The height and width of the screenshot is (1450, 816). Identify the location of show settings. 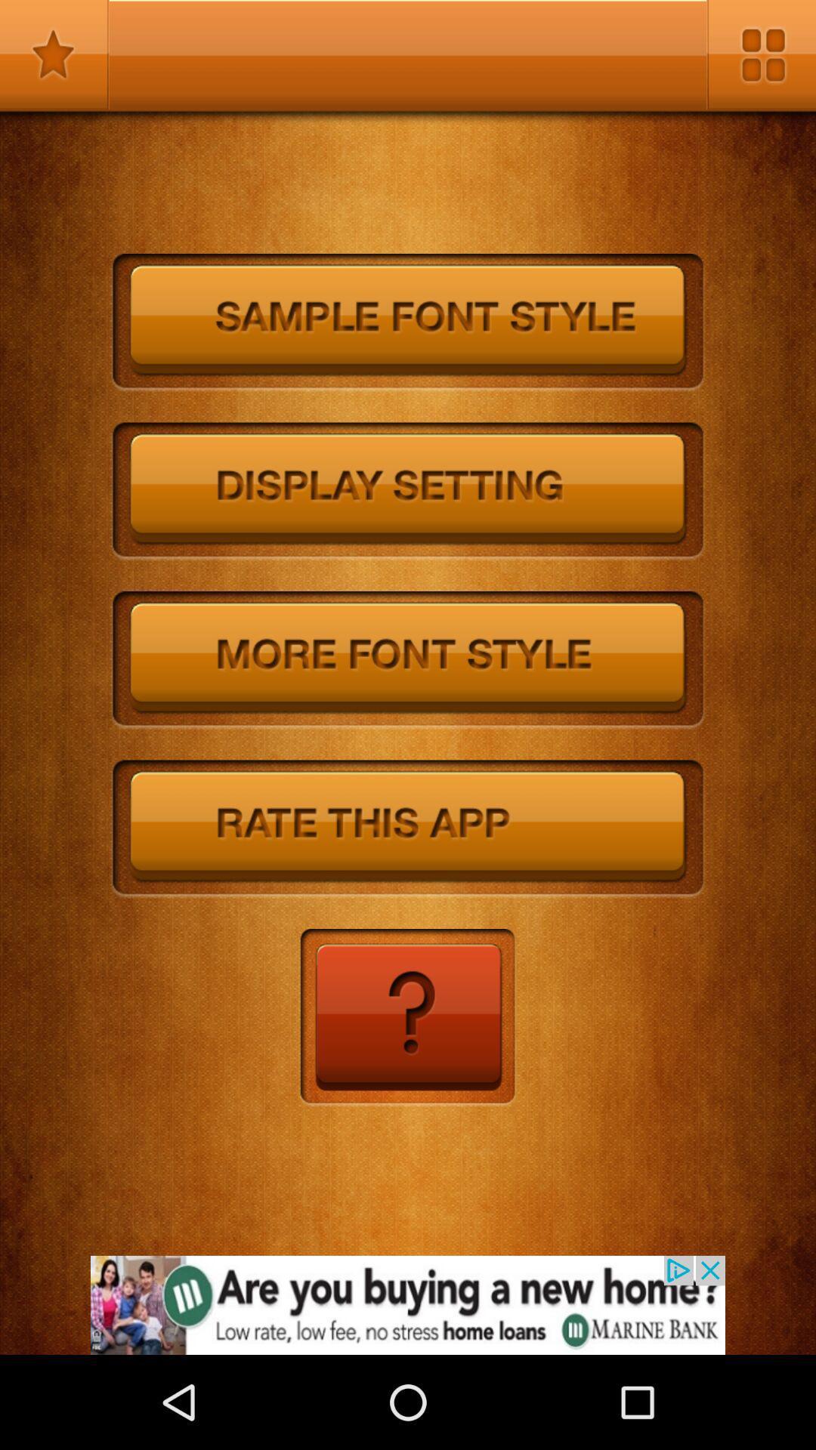
(408, 492).